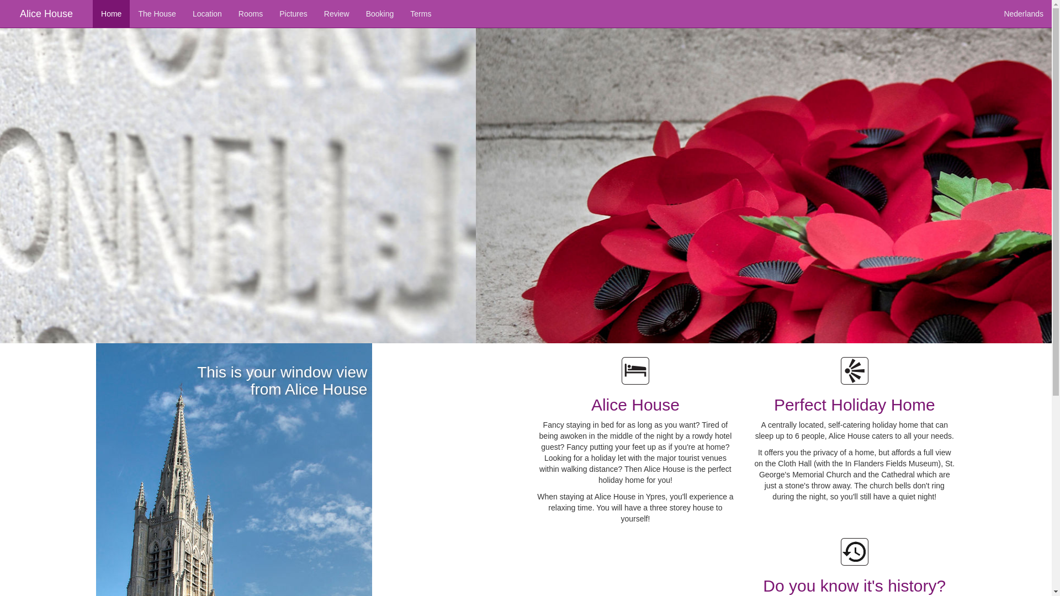 This screenshot has width=1060, height=596. What do you see at coordinates (1022, 13) in the screenshot?
I see `'Nederlands'` at bounding box center [1022, 13].